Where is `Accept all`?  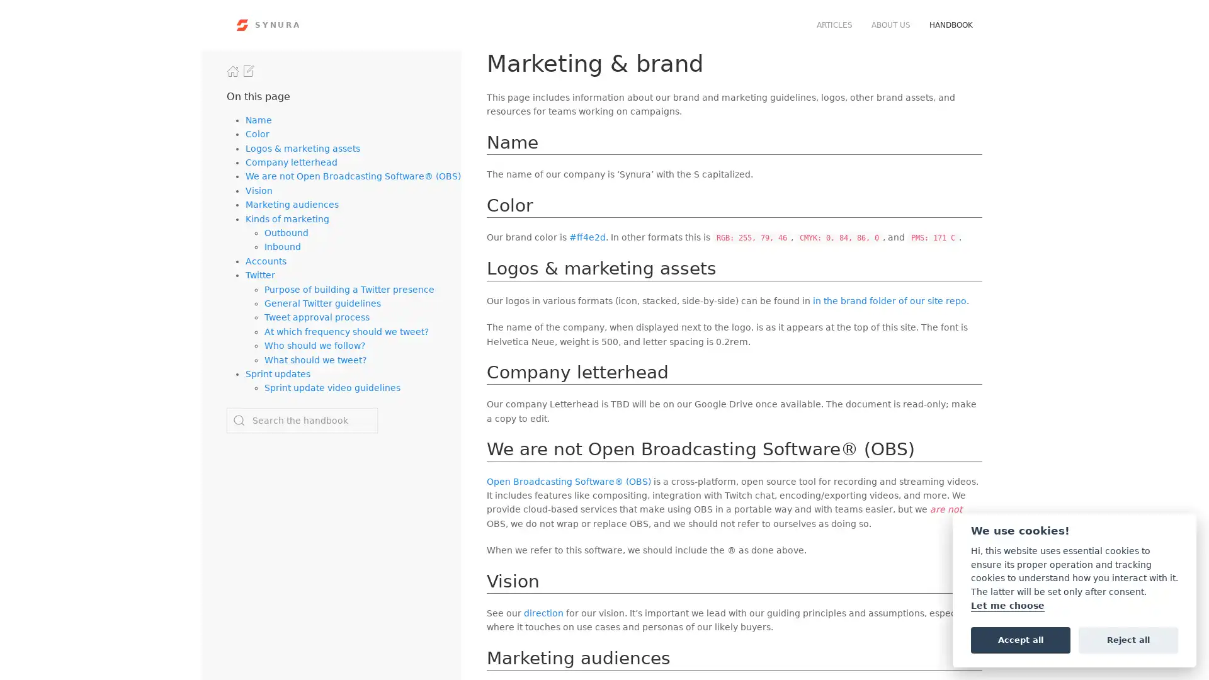 Accept all is located at coordinates (1020, 639).